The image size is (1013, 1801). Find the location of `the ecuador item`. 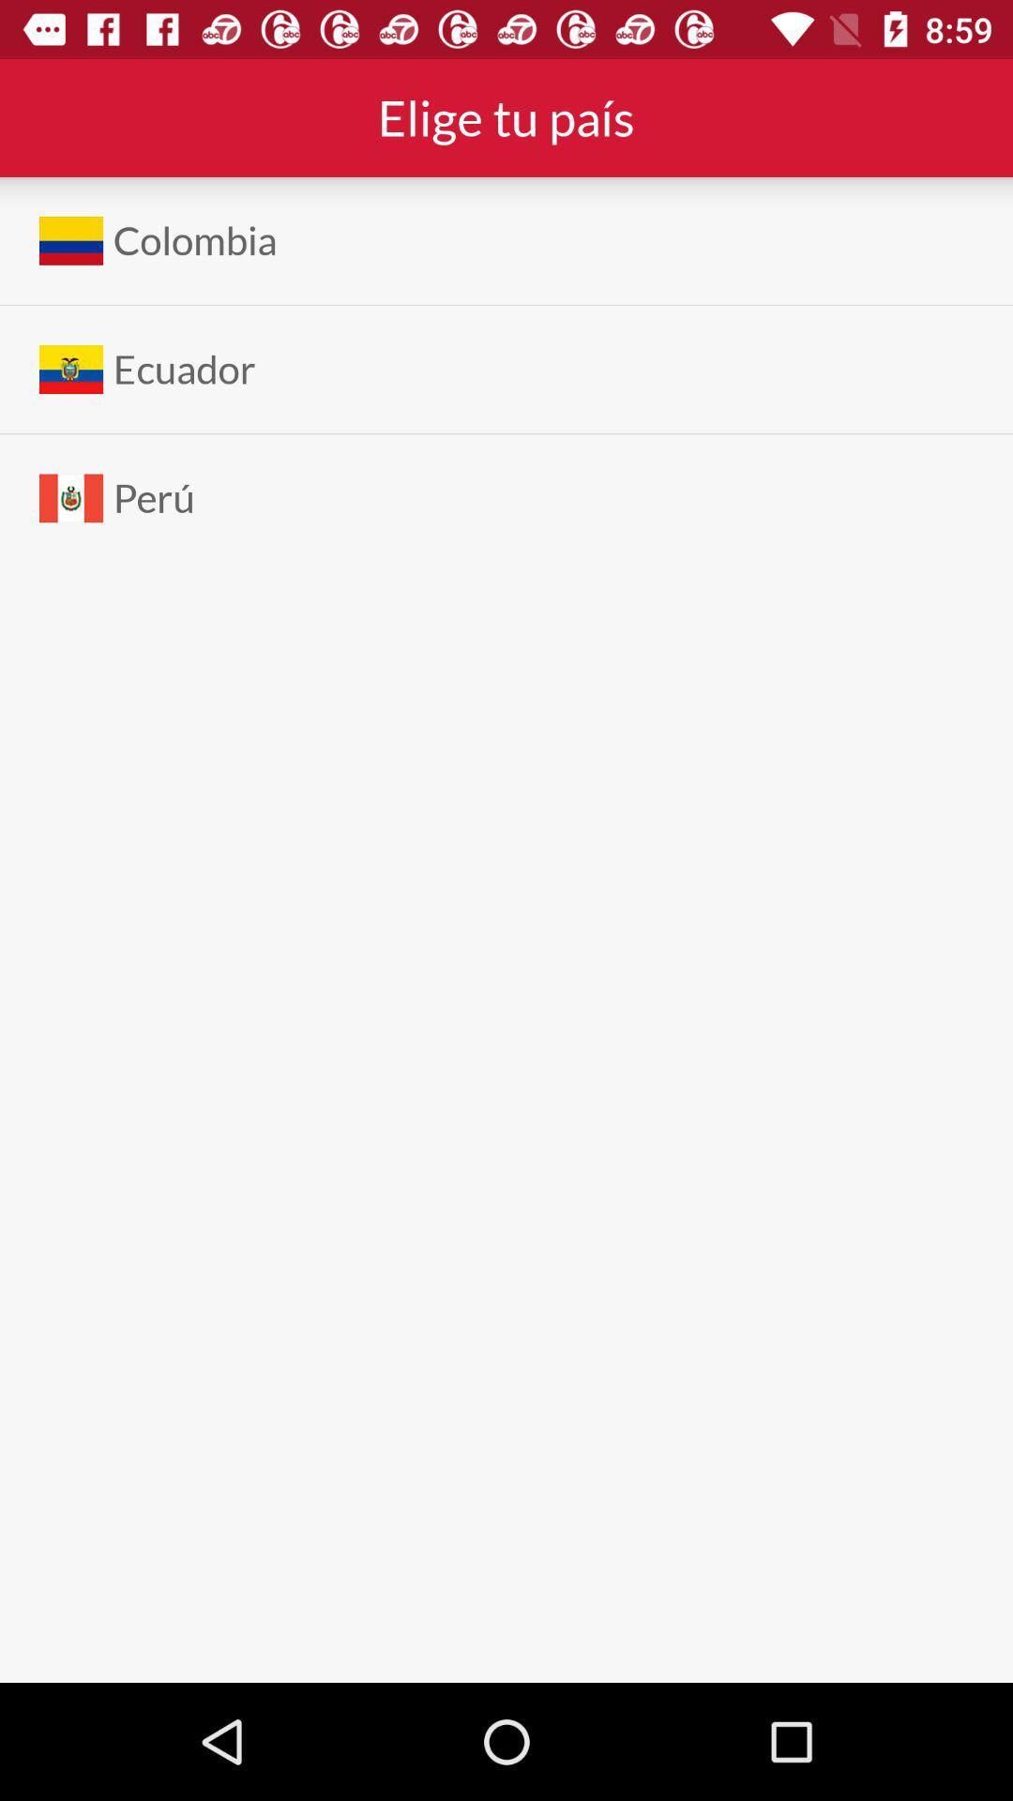

the ecuador item is located at coordinates (184, 370).